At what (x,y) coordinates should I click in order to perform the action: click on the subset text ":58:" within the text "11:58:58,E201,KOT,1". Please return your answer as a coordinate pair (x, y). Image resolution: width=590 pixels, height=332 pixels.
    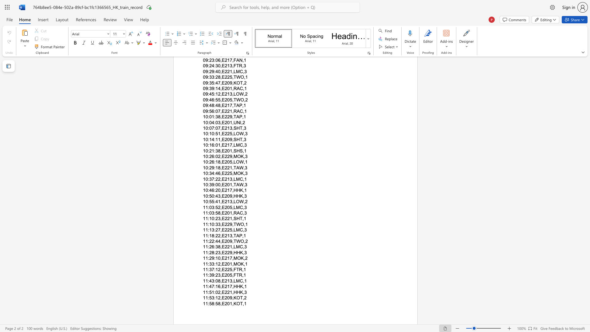
    Looking at the image, I should click on (208, 303).